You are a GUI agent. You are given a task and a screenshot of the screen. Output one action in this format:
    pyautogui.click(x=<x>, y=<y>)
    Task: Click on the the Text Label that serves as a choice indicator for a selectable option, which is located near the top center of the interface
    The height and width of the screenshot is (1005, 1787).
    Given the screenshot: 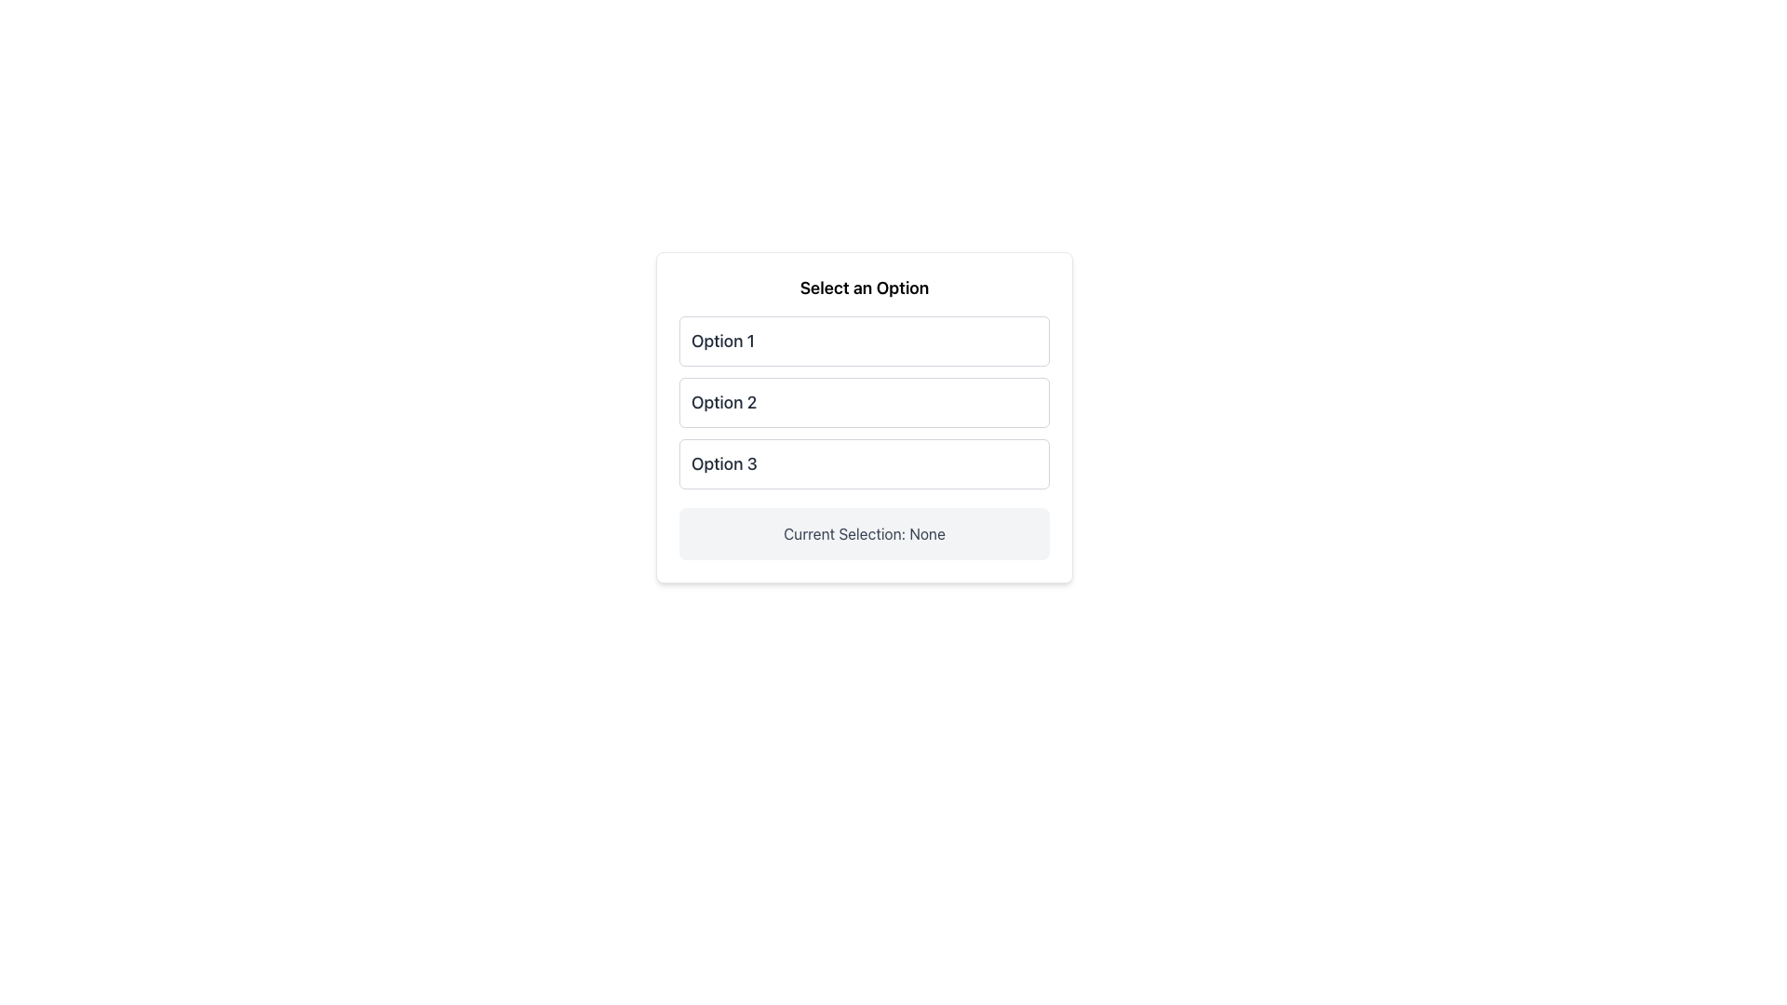 What is the action you would take?
    pyautogui.click(x=722, y=341)
    